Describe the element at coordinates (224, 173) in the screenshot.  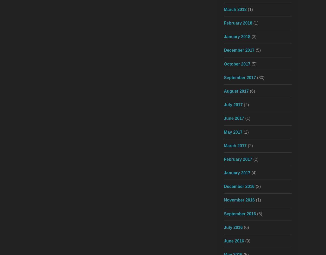
I see `'January 2017'` at that location.